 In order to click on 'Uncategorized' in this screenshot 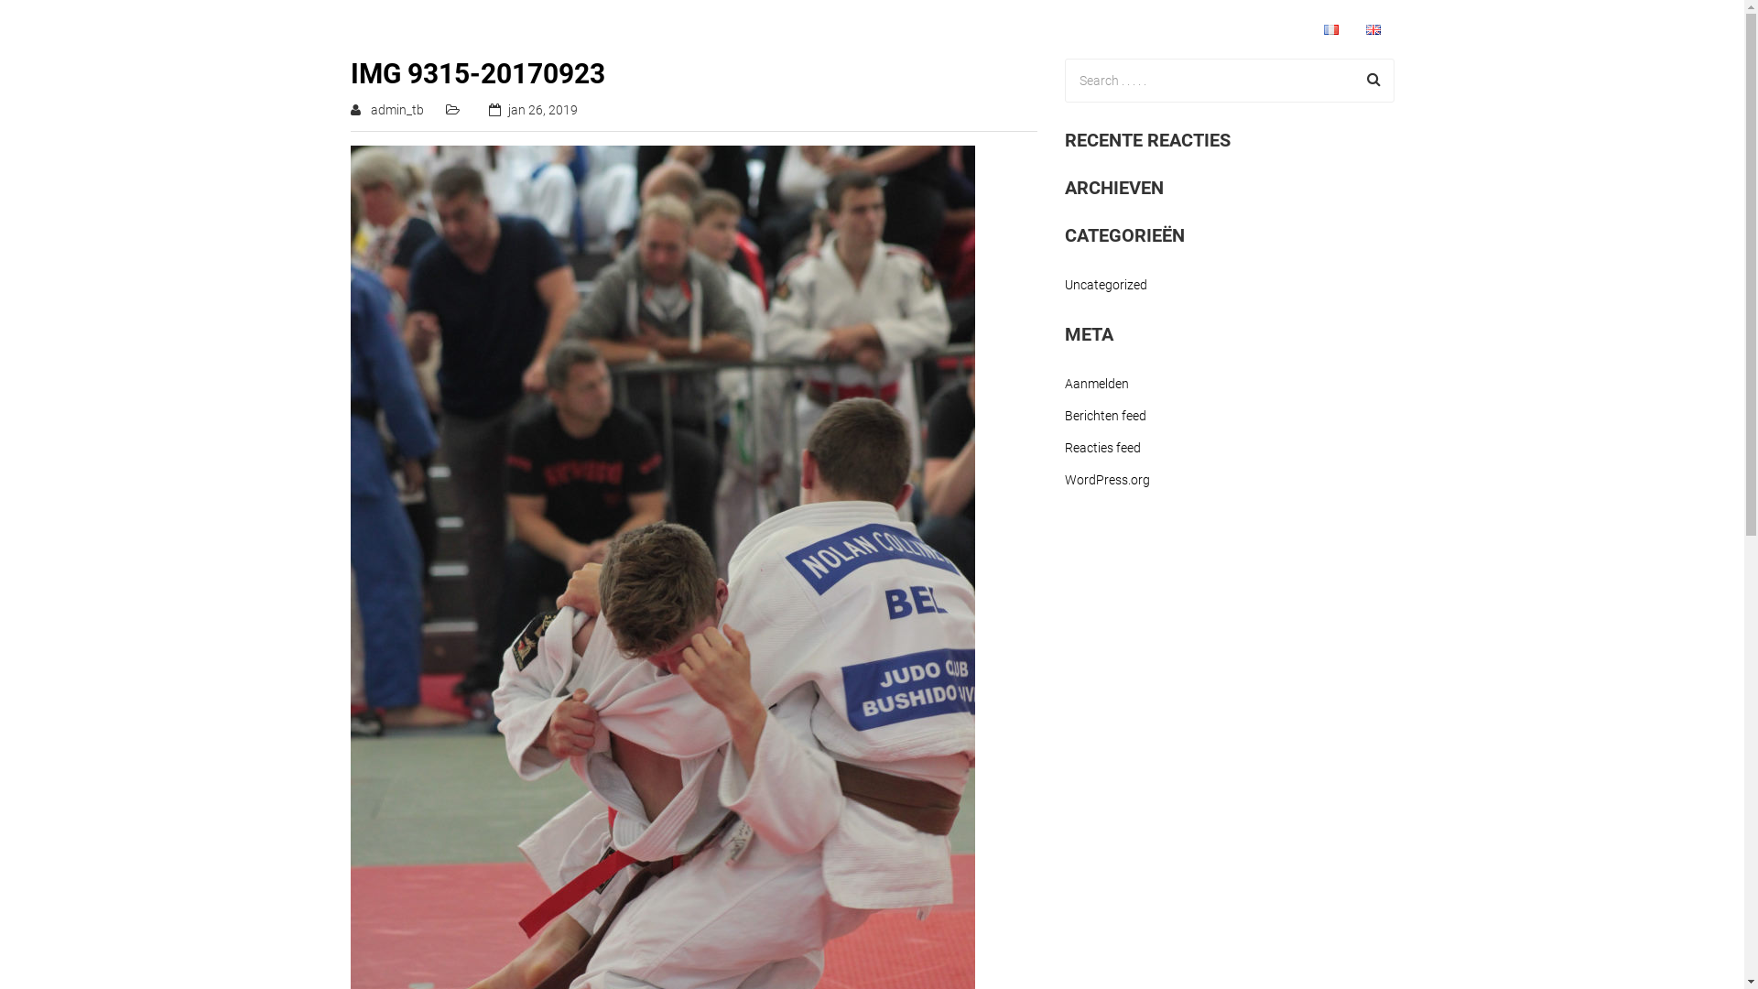, I will do `click(1103, 285)`.